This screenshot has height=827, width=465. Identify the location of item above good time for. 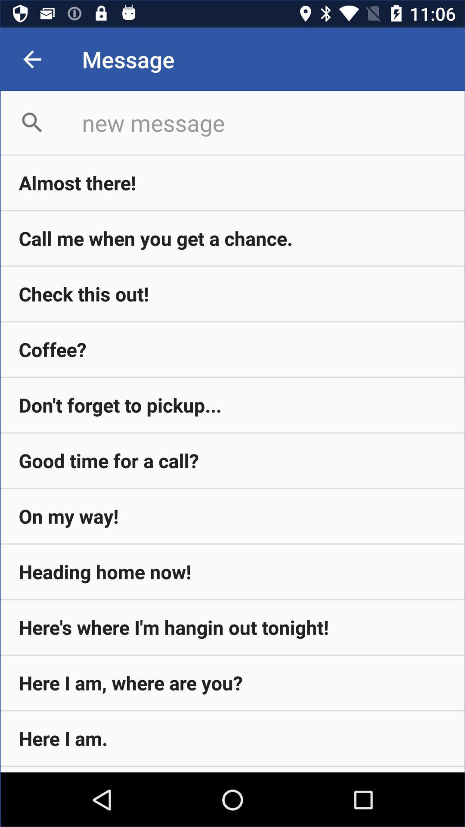
(232, 404).